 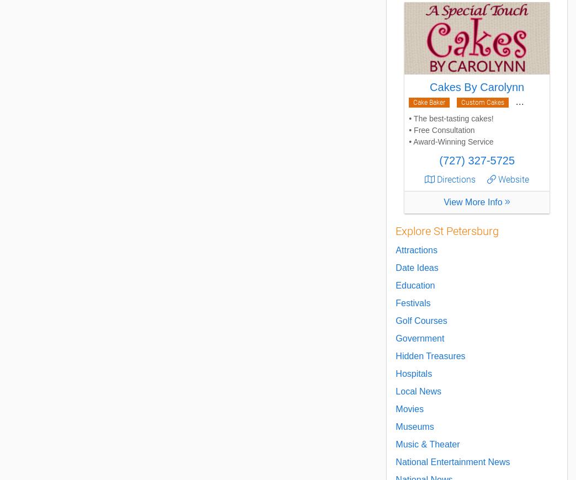 I want to click on '• The best-tasting cakes!', so click(x=450, y=118).